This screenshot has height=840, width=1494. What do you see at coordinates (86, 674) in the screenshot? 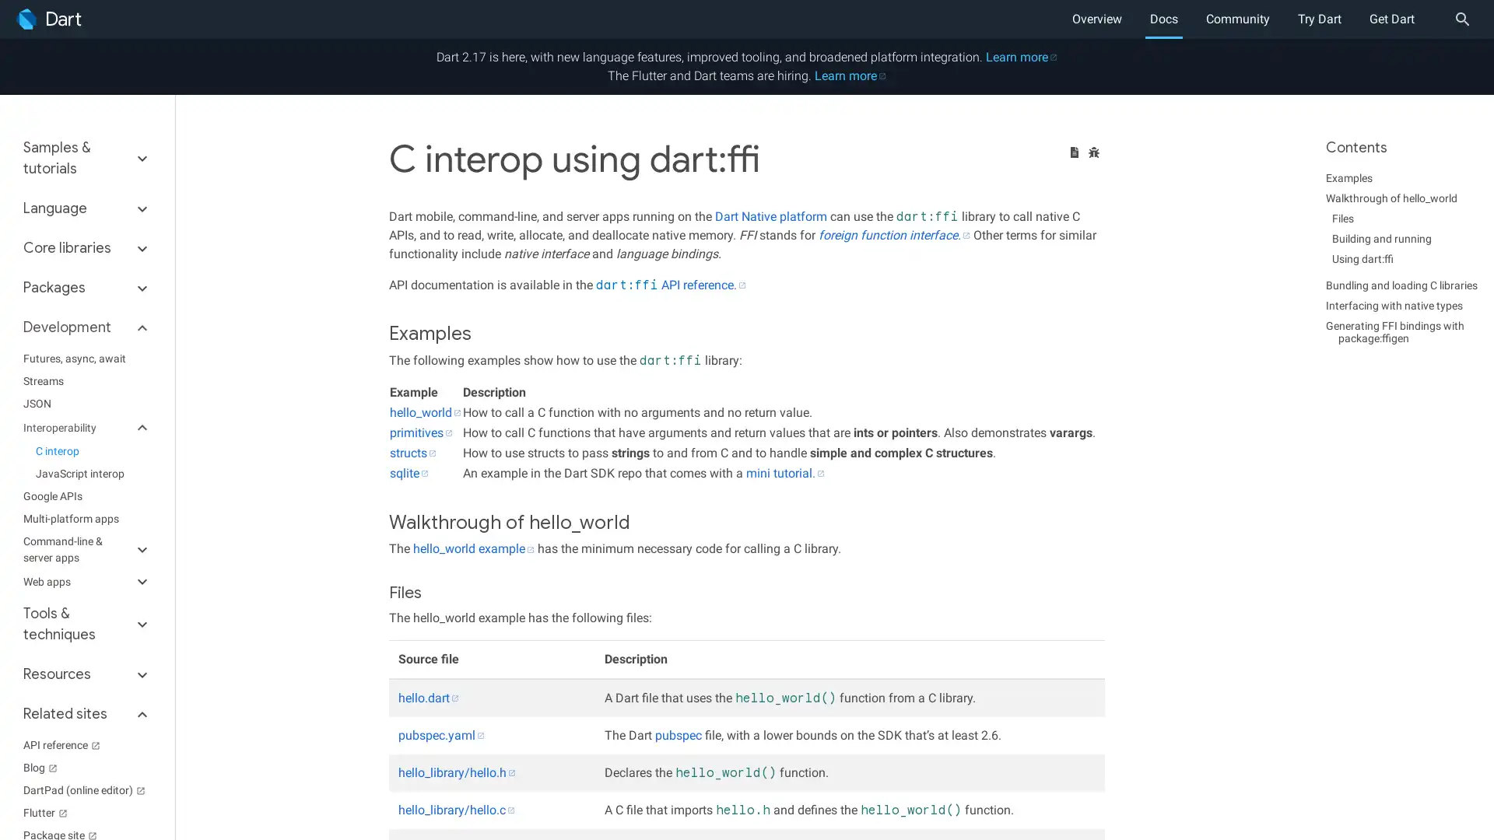
I see `Resources keyboard_arrow_down` at bounding box center [86, 674].